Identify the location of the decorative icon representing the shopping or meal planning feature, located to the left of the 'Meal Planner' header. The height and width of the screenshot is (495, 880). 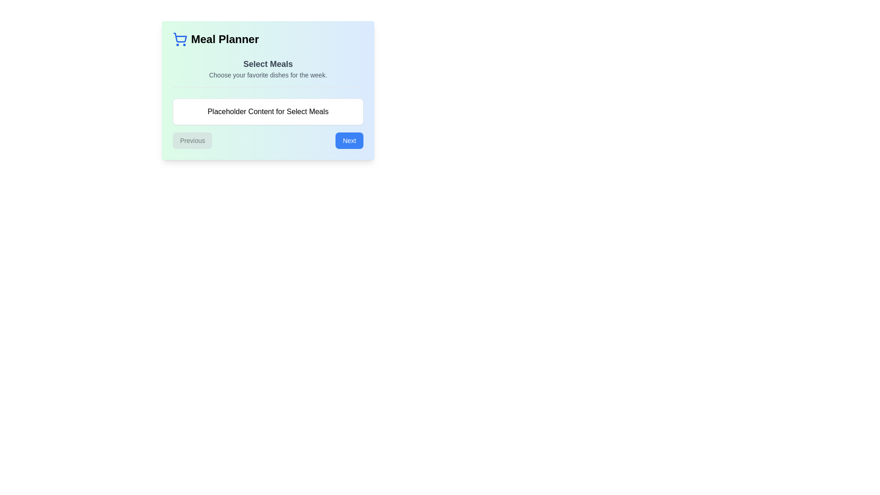
(180, 38).